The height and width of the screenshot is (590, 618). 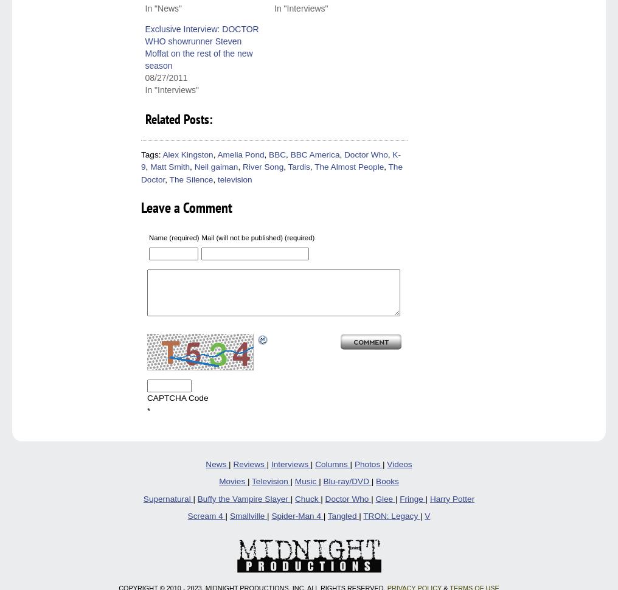 I want to click on 'Interviews', so click(x=270, y=463).